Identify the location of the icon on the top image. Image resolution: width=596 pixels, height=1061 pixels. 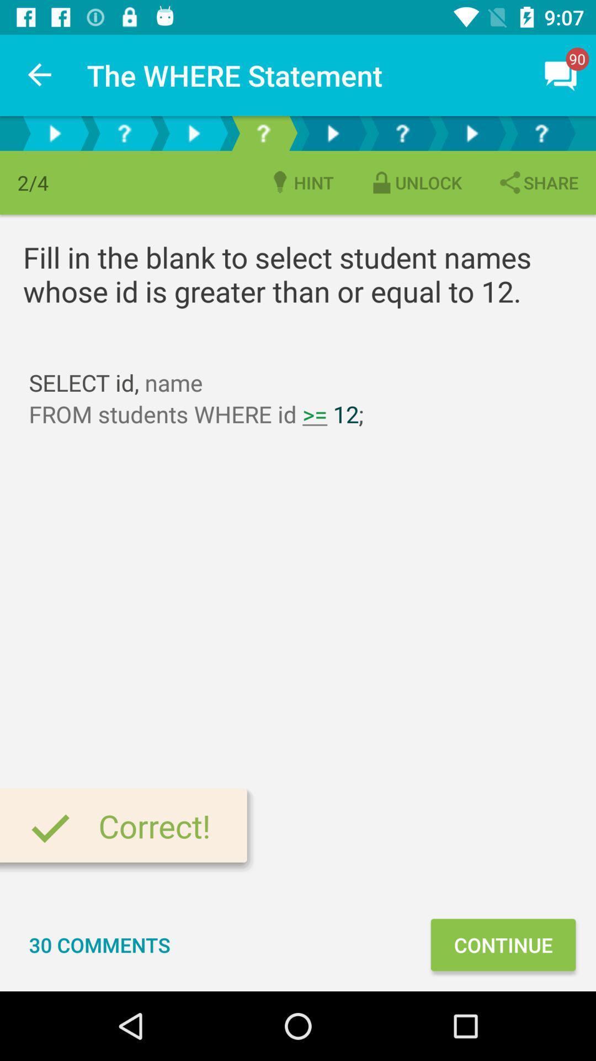
(561, 75).